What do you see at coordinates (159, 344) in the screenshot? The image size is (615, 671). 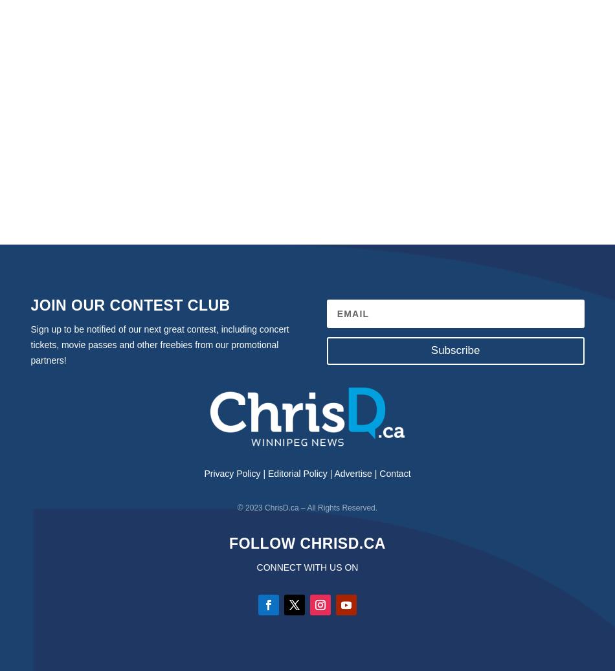 I see `'Sign up to be notified of our next great contest, including concert tickets, movie passes and other freebies from our promotional partners!'` at bounding box center [159, 344].